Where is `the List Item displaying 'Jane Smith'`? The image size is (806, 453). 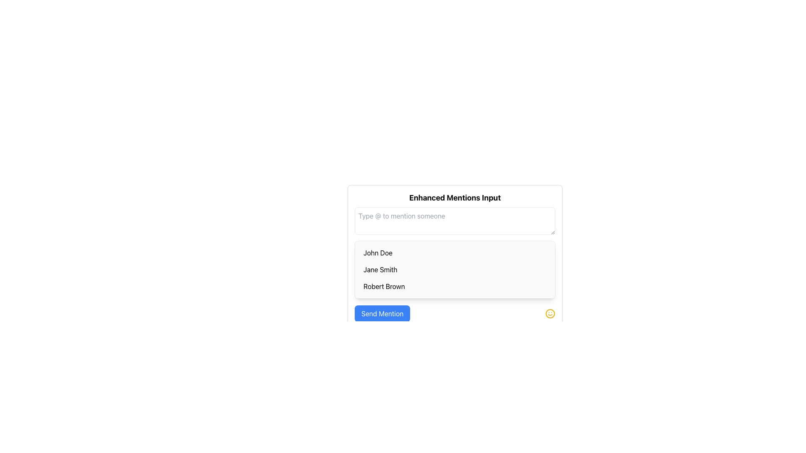
the List Item displaying 'Jane Smith' is located at coordinates (455, 270).